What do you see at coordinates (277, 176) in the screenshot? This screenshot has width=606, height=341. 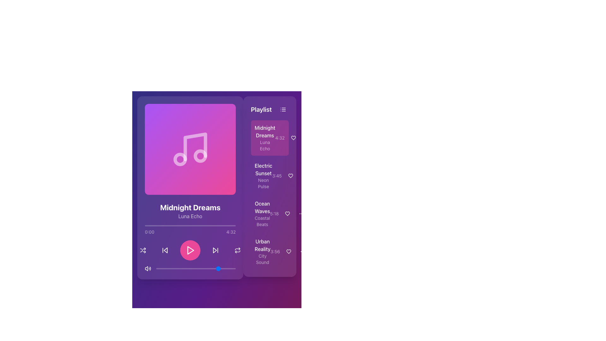 I see `the static text element displaying the duration of the track 'Electric Sunset', located in the top-right corner of the 'Playlist' section` at bounding box center [277, 176].